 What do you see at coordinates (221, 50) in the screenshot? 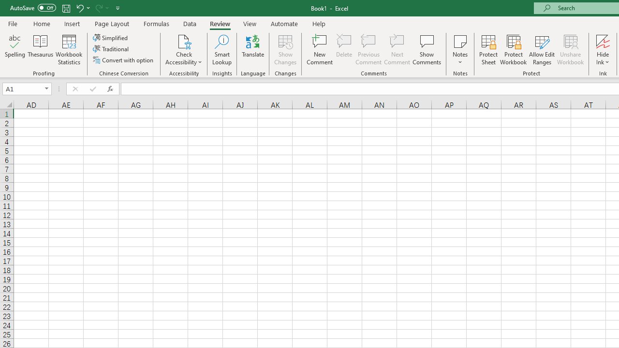
I see `'Smart Lookup'` at bounding box center [221, 50].